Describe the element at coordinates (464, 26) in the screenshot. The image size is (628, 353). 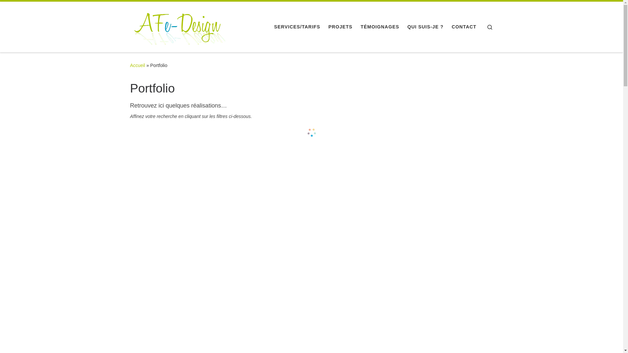
I see `'CONTACT'` at that location.